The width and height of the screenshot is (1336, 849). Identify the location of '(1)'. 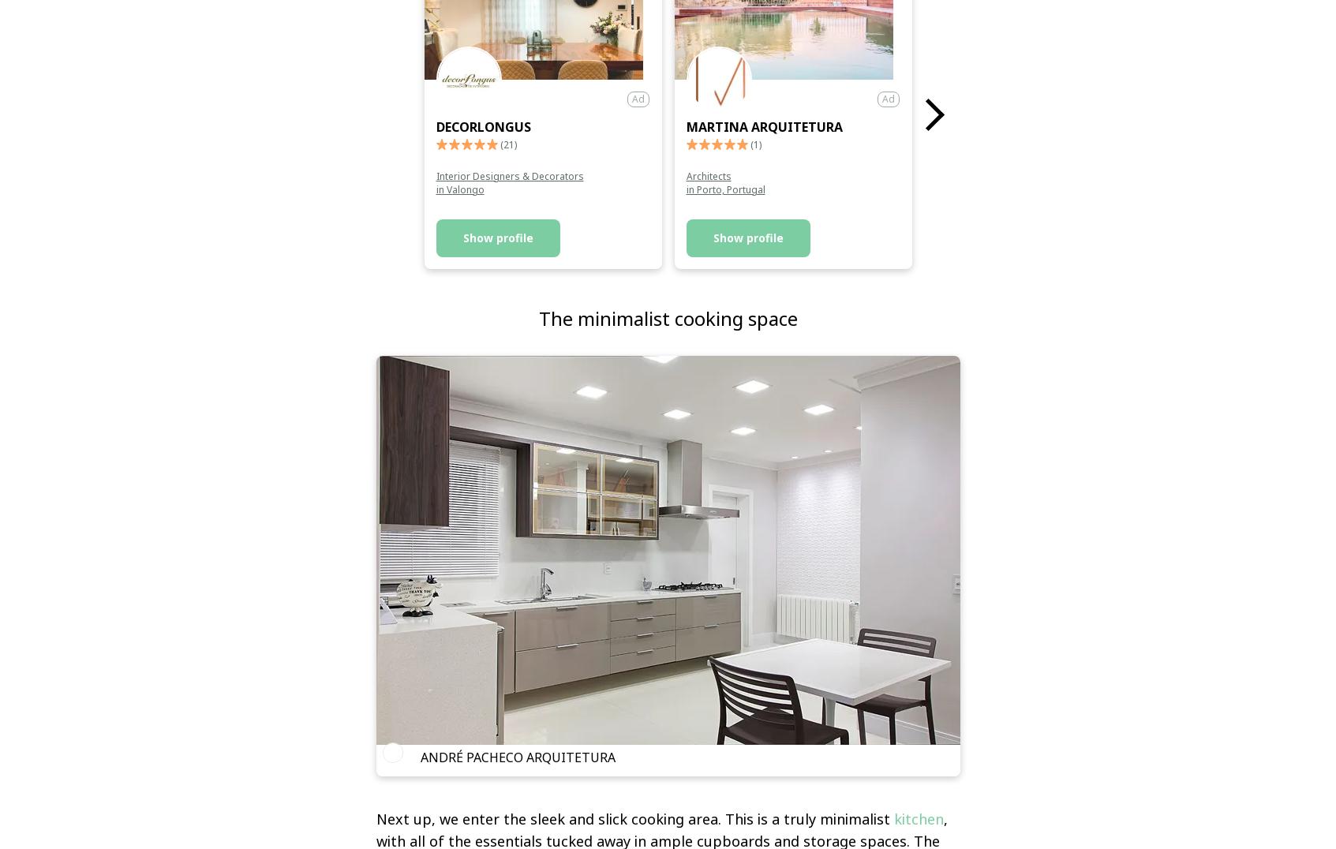
(754, 144).